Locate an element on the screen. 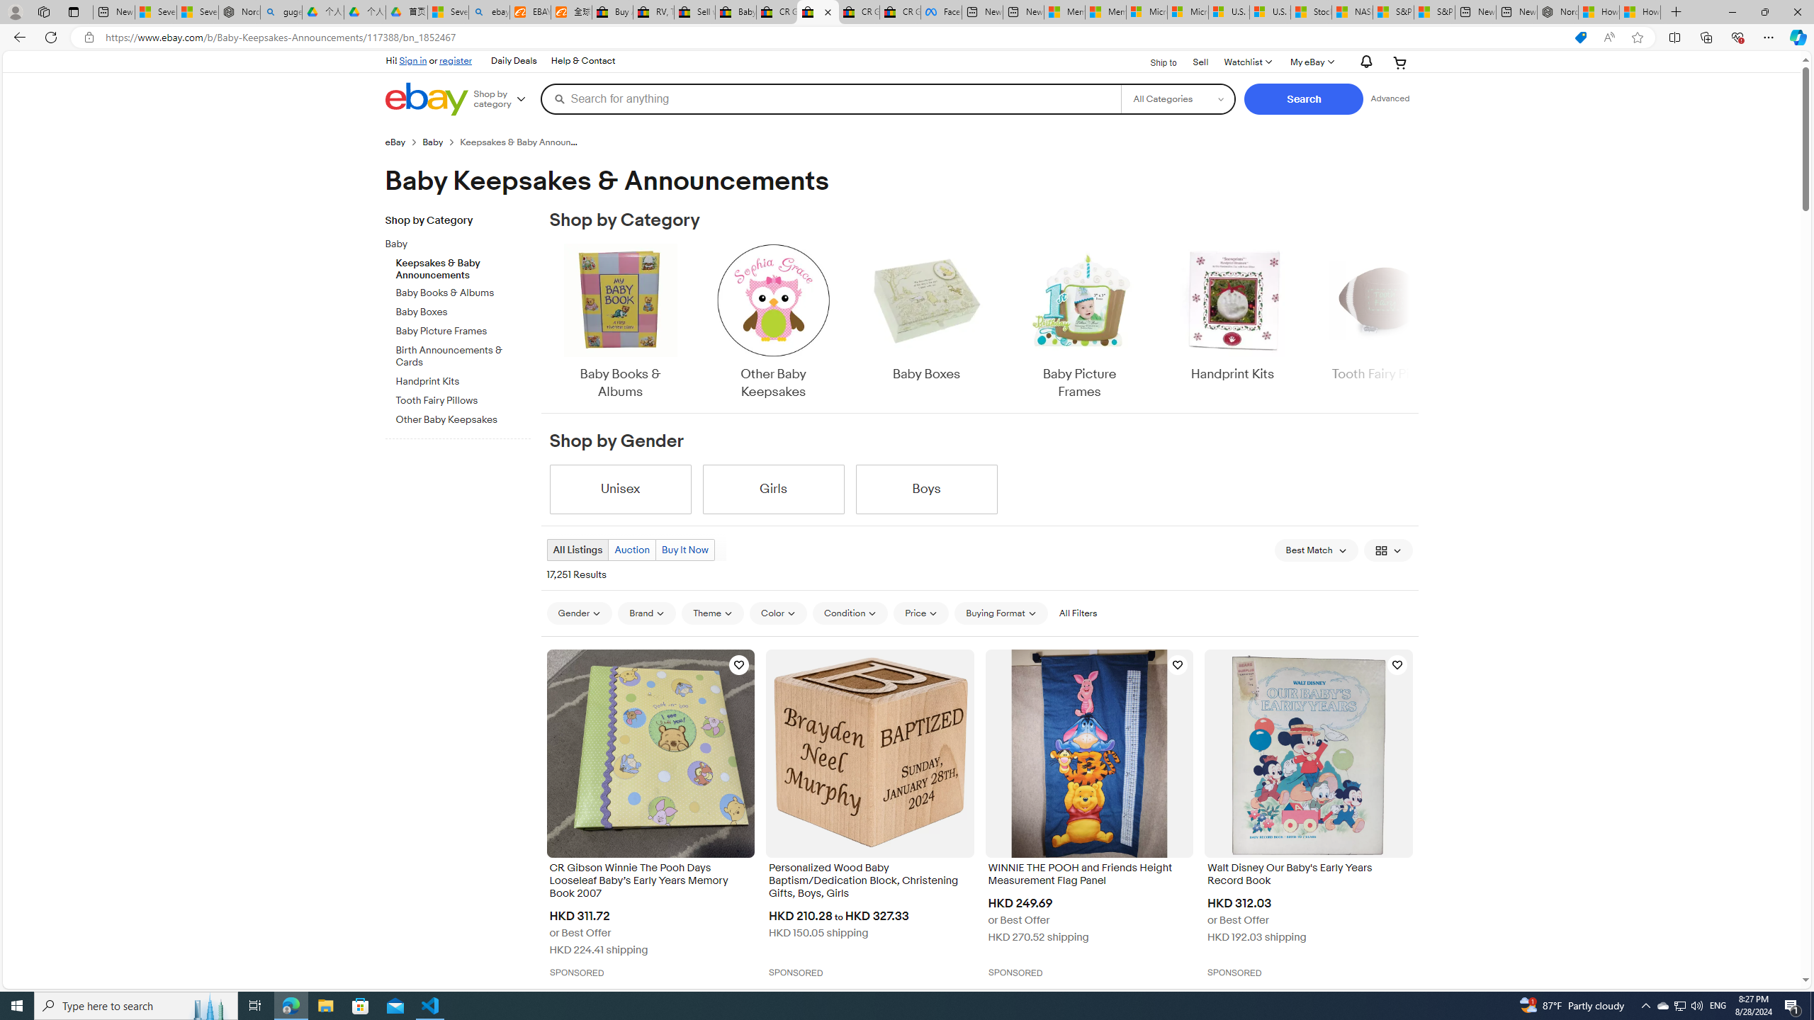  'My eBay' is located at coordinates (1311, 62).